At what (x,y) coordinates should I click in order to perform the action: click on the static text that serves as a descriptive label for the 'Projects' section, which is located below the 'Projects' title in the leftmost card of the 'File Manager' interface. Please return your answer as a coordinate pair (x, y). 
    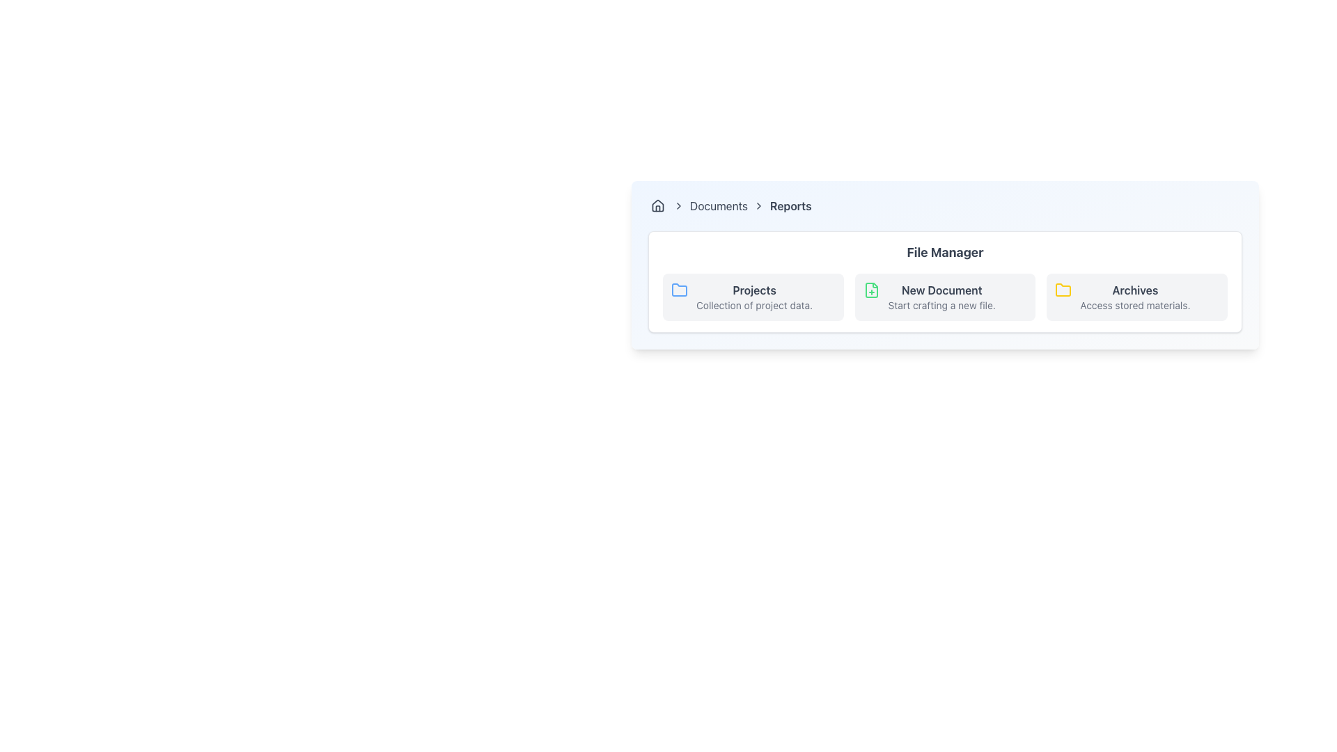
    Looking at the image, I should click on (753, 305).